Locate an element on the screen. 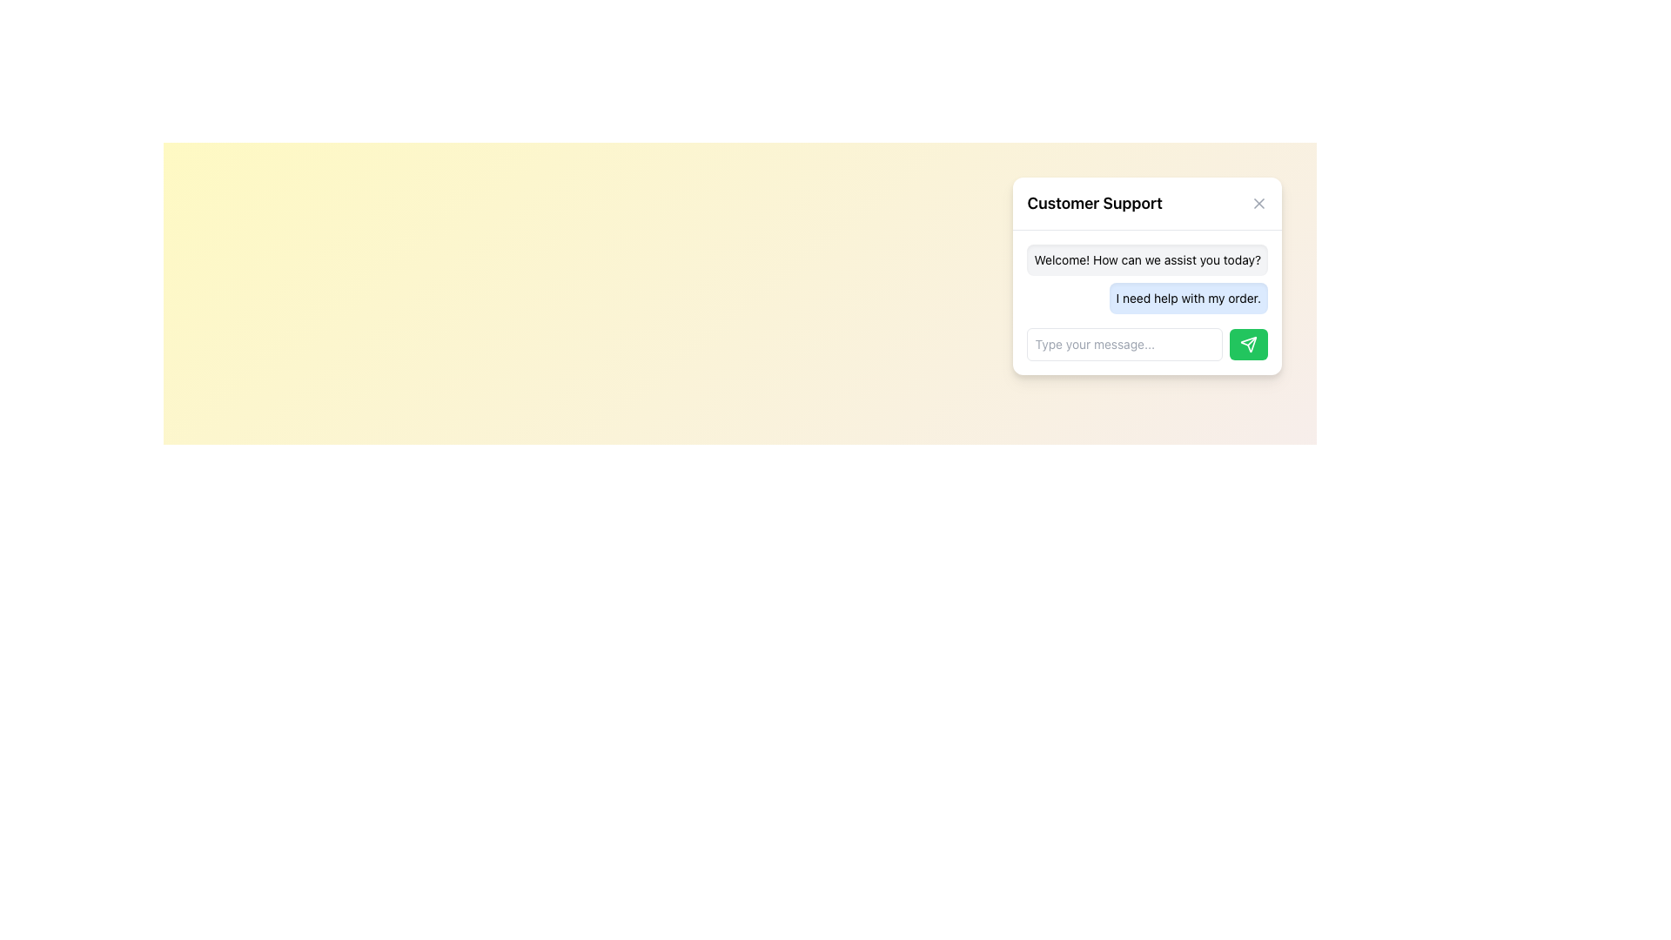  the close button represented by an 'X' icon located at the top-right corner of the 'Customer Support' panel is located at coordinates (1258, 203).